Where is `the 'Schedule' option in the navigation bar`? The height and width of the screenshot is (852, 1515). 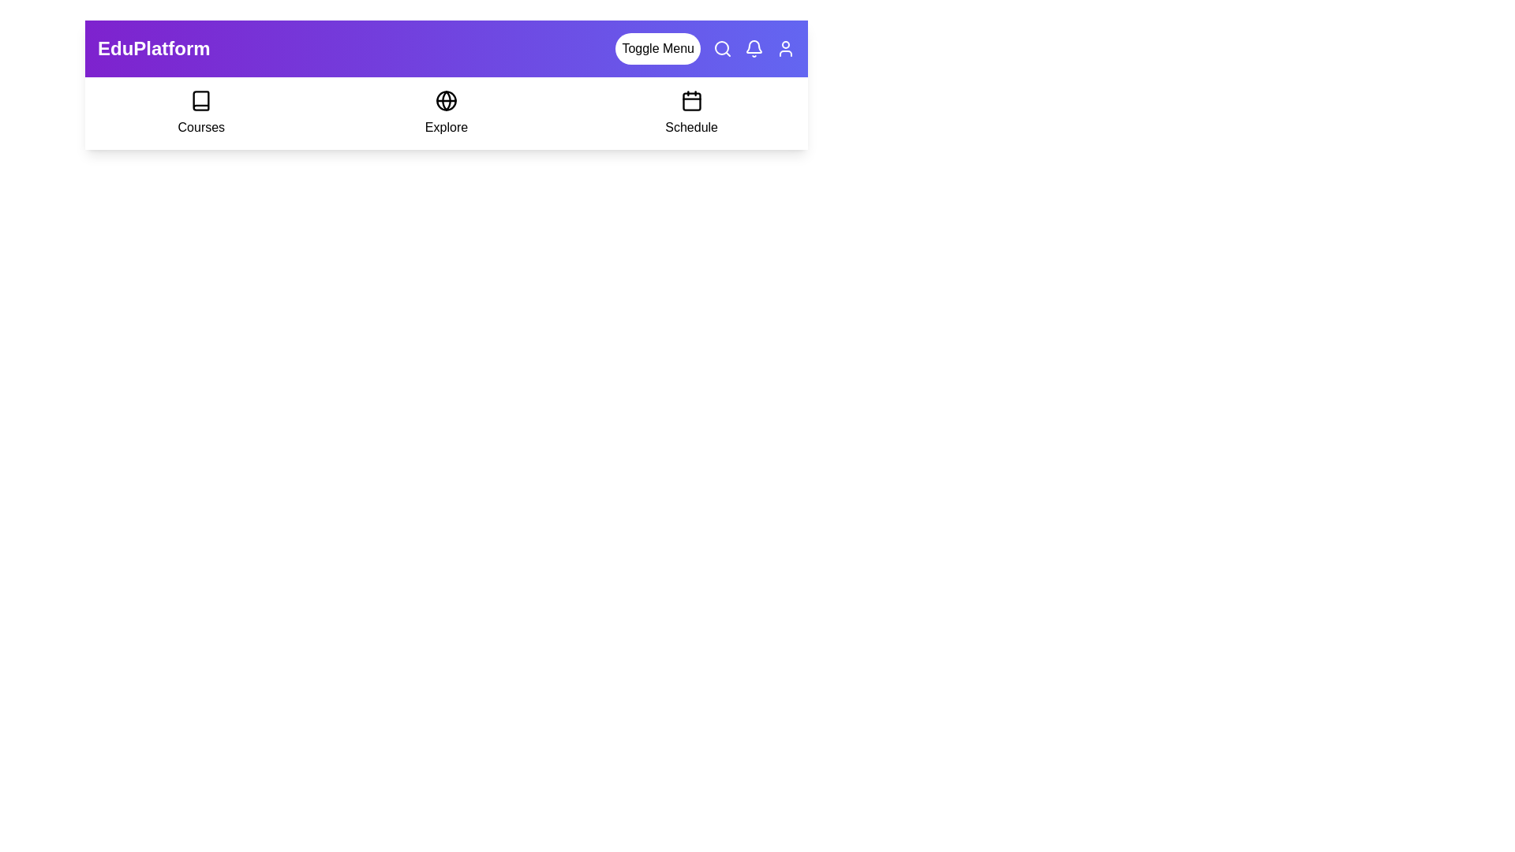
the 'Schedule' option in the navigation bar is located at coordinates (690, 112).